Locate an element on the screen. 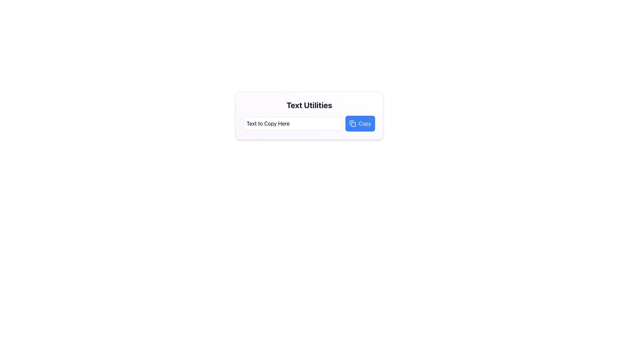  the copy button located to the right of the text input field to duplicate the text is located at coordinates (365, 123).